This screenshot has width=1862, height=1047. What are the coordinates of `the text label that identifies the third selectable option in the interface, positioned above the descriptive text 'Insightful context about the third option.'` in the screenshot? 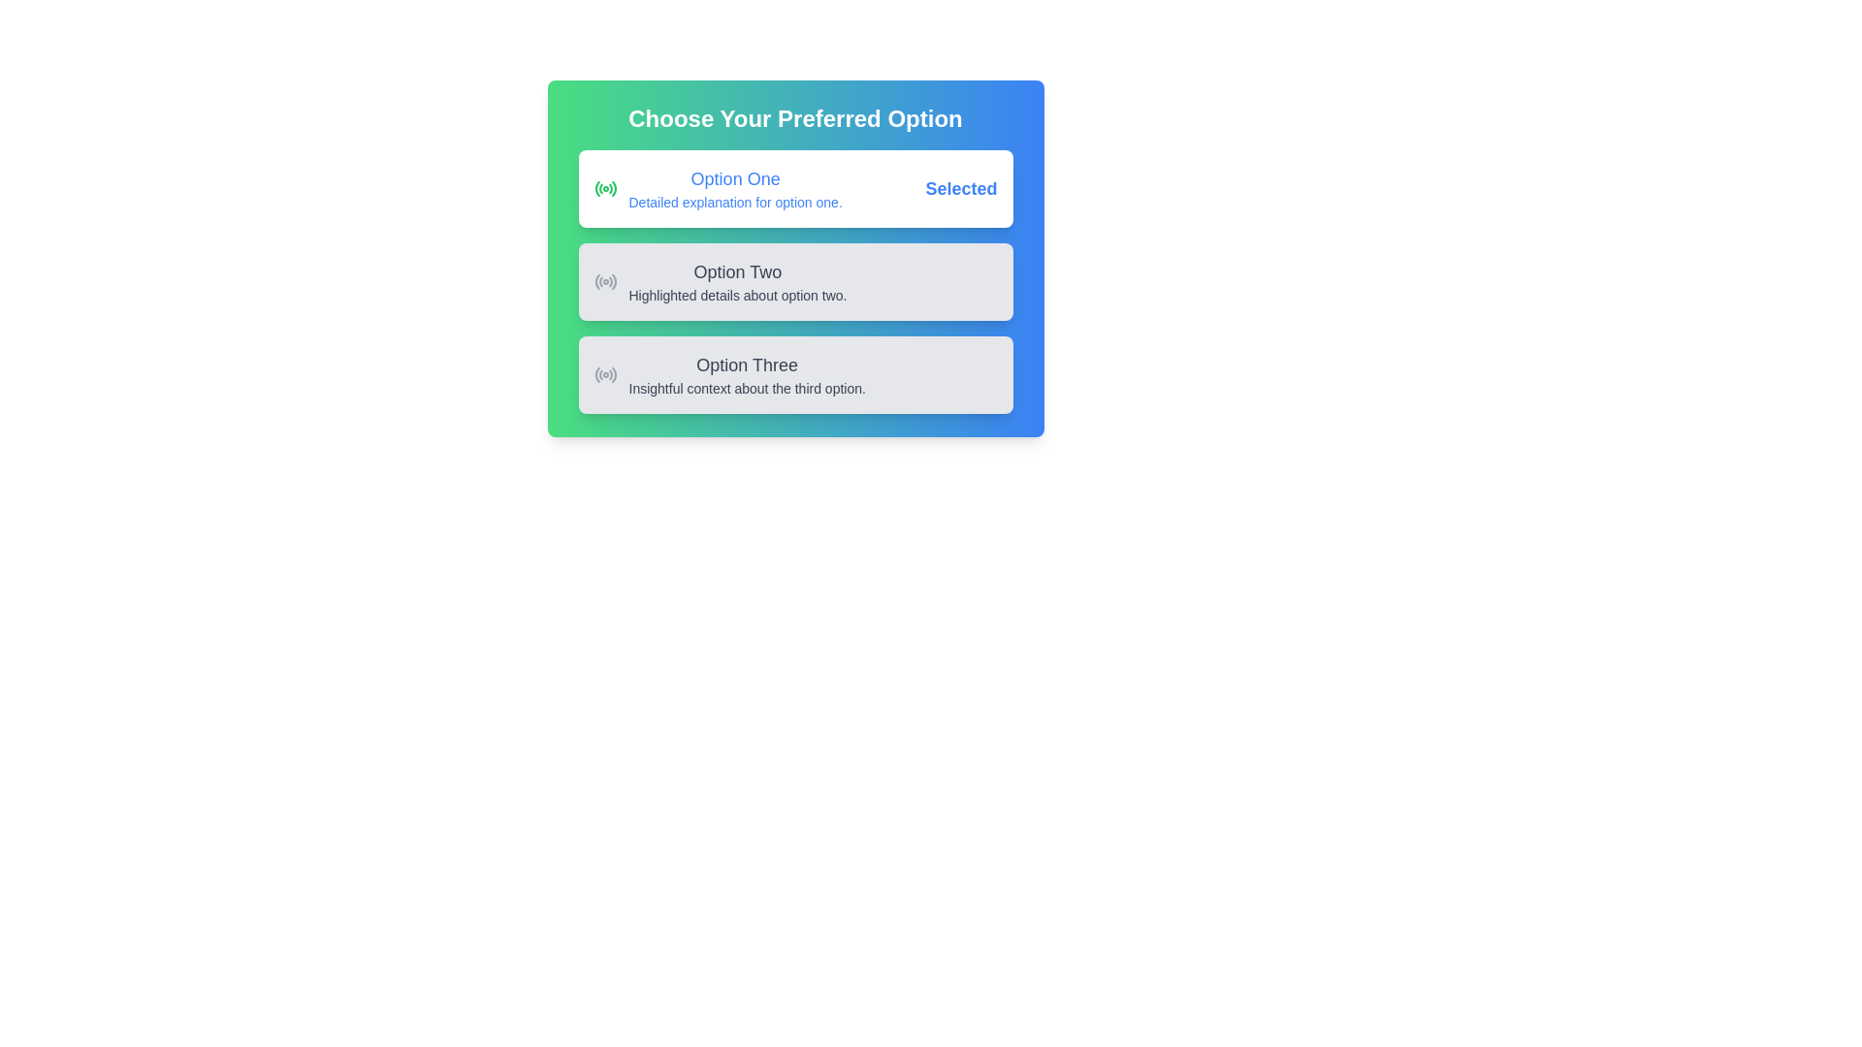 It's located at (746, 365).